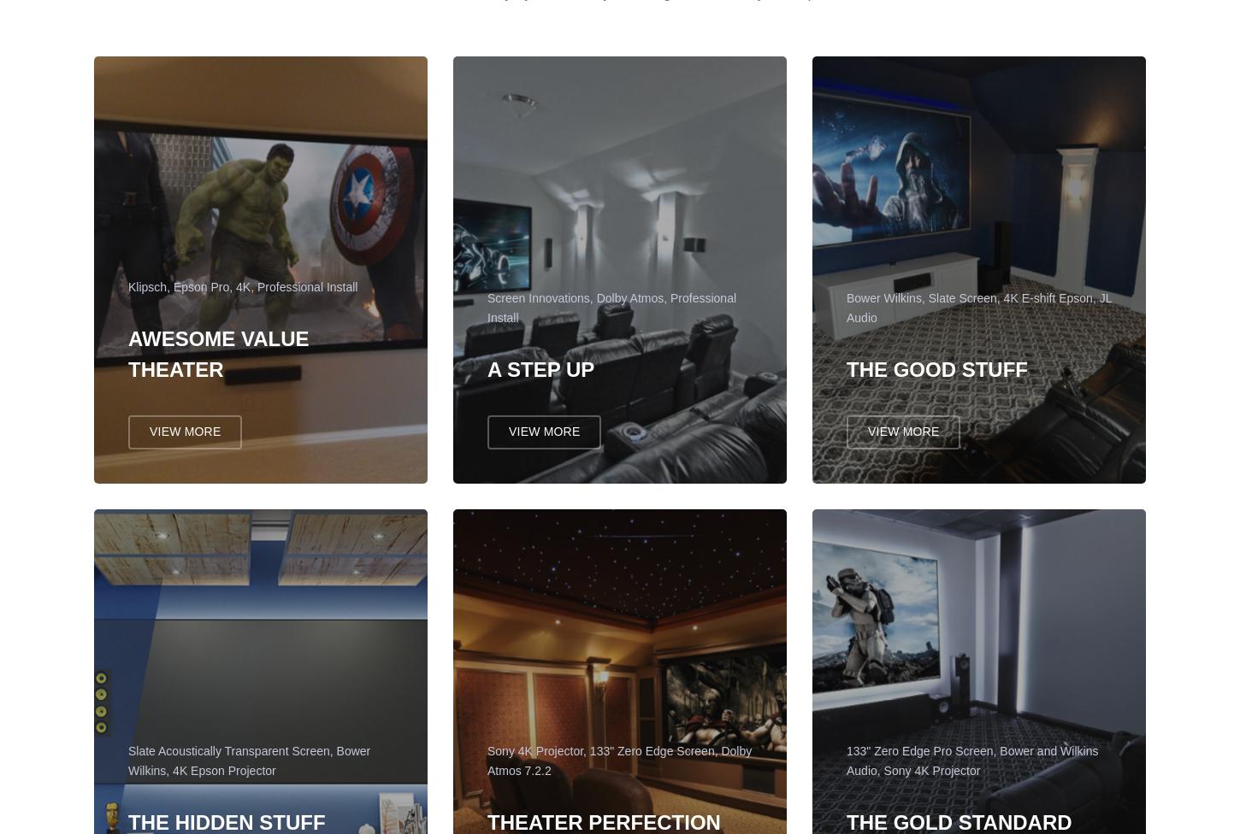 This screenshot has width=1240, height=834. I want to click on 'a step up', so click(540, 376).